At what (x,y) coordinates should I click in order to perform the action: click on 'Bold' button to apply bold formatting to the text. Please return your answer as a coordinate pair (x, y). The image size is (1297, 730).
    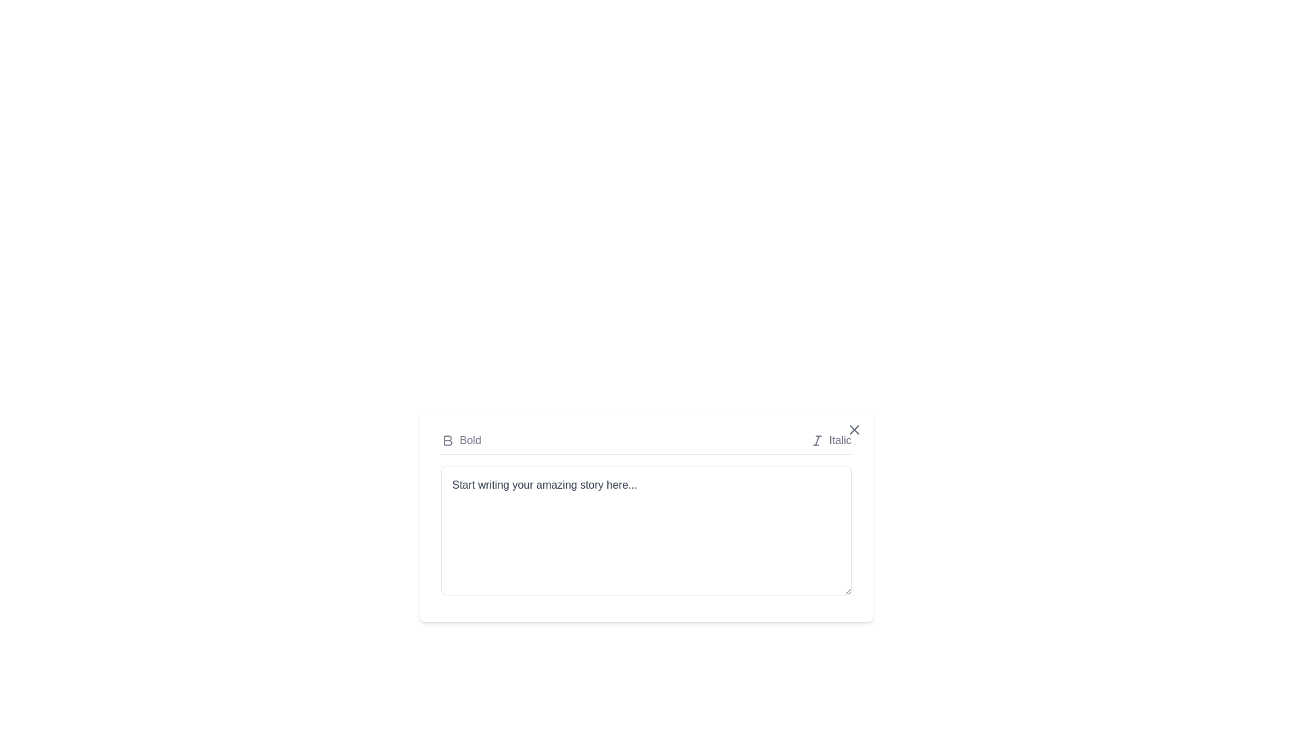
    Looking at the image, I should click on (461, 440).